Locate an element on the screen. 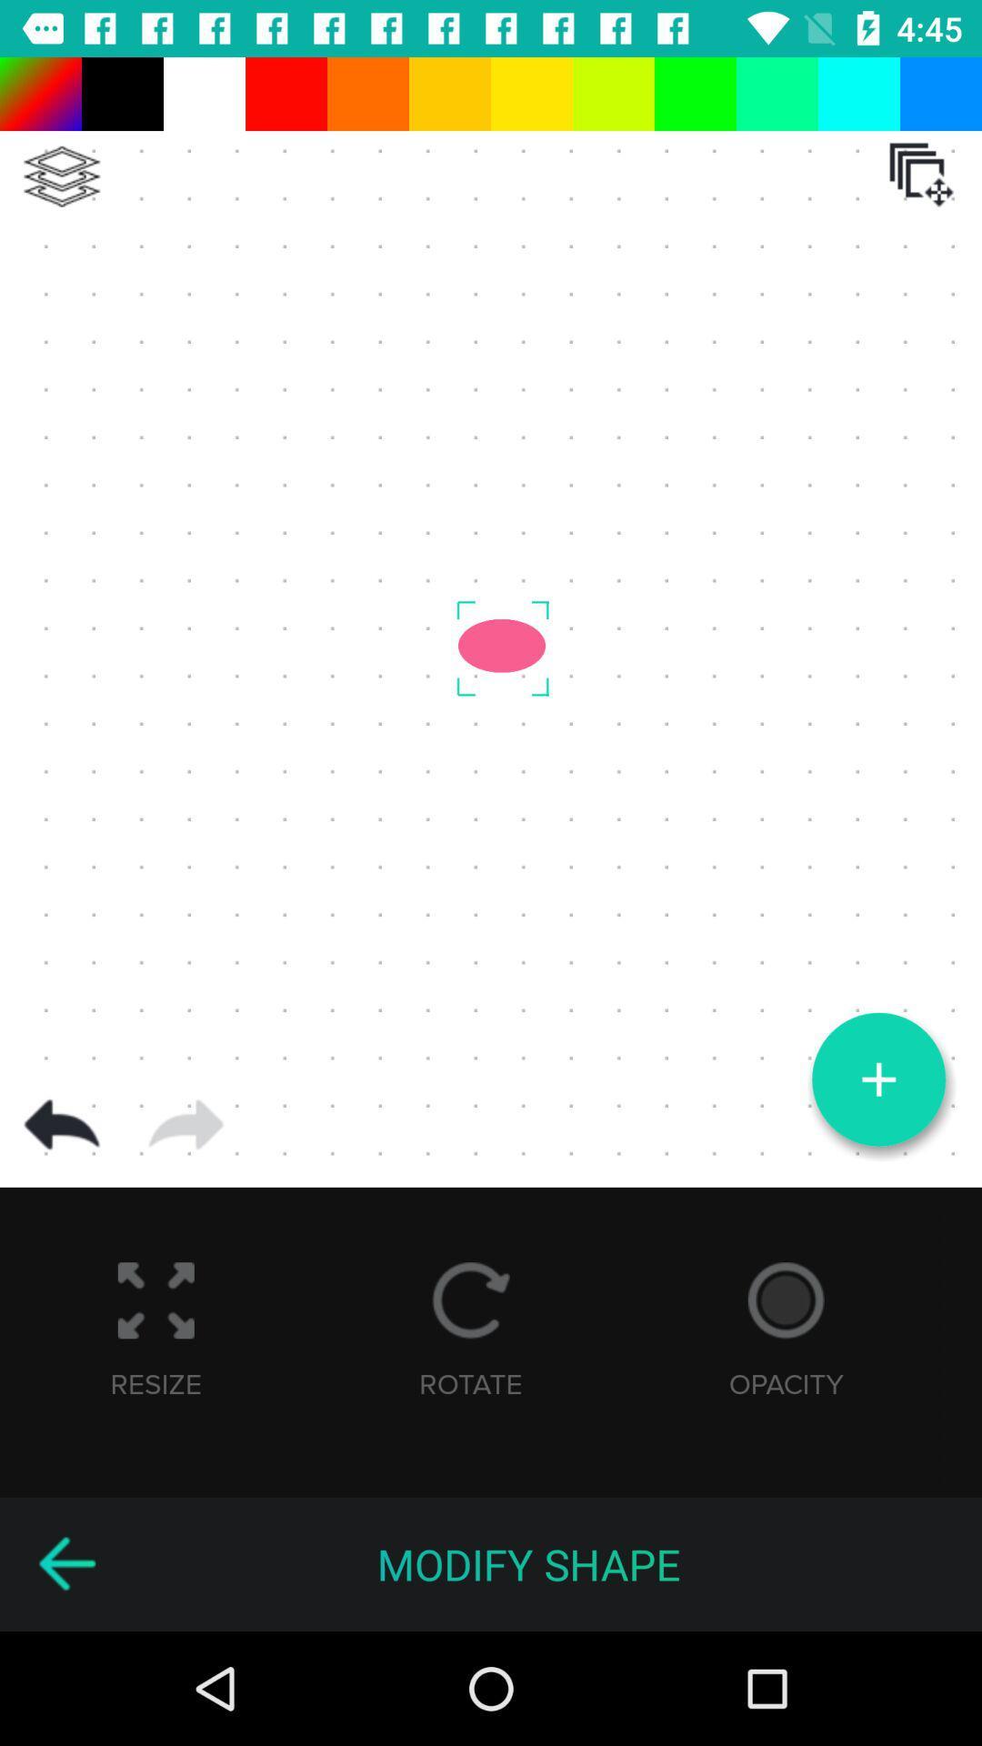 The image size is (982, 1746). the arrow_forward icon is located at coordinates (185, 1124).